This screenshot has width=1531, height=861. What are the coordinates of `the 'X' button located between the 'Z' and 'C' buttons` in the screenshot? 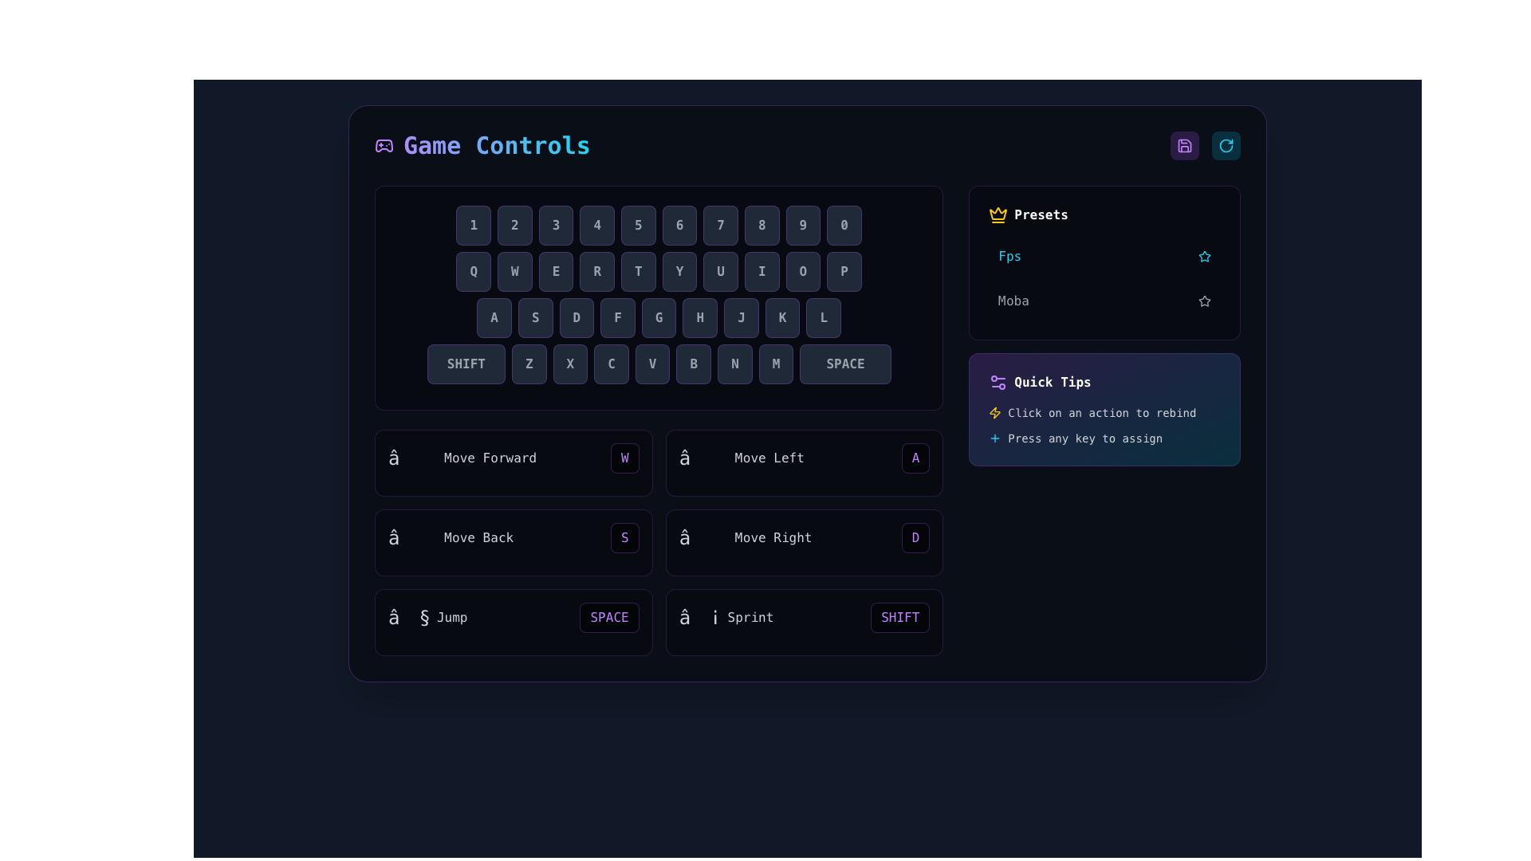 It's located at (570, 364).